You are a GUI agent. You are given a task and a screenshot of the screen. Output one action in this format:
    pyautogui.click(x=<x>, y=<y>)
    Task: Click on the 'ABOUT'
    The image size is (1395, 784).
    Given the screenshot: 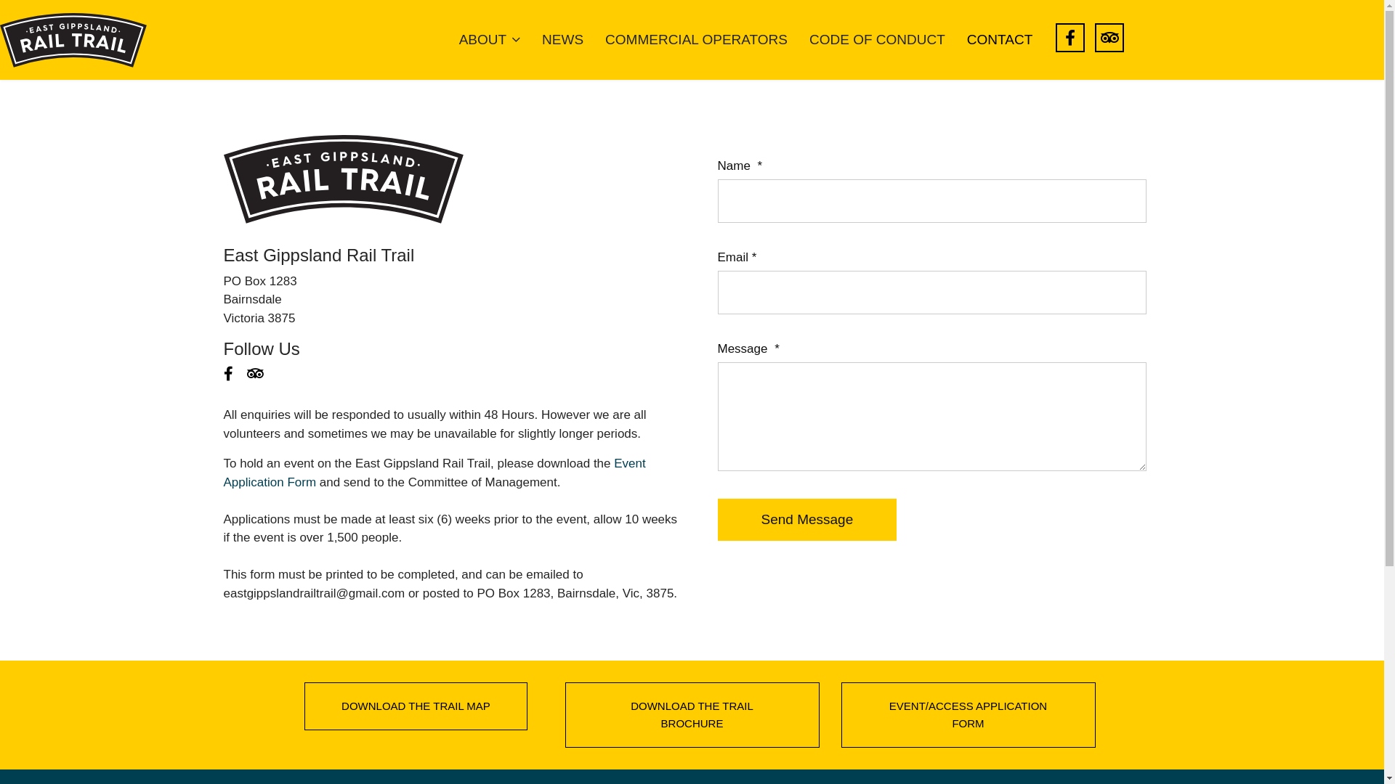 What is the action you would take?
    pyautogui.click(x=489, y=38)
    